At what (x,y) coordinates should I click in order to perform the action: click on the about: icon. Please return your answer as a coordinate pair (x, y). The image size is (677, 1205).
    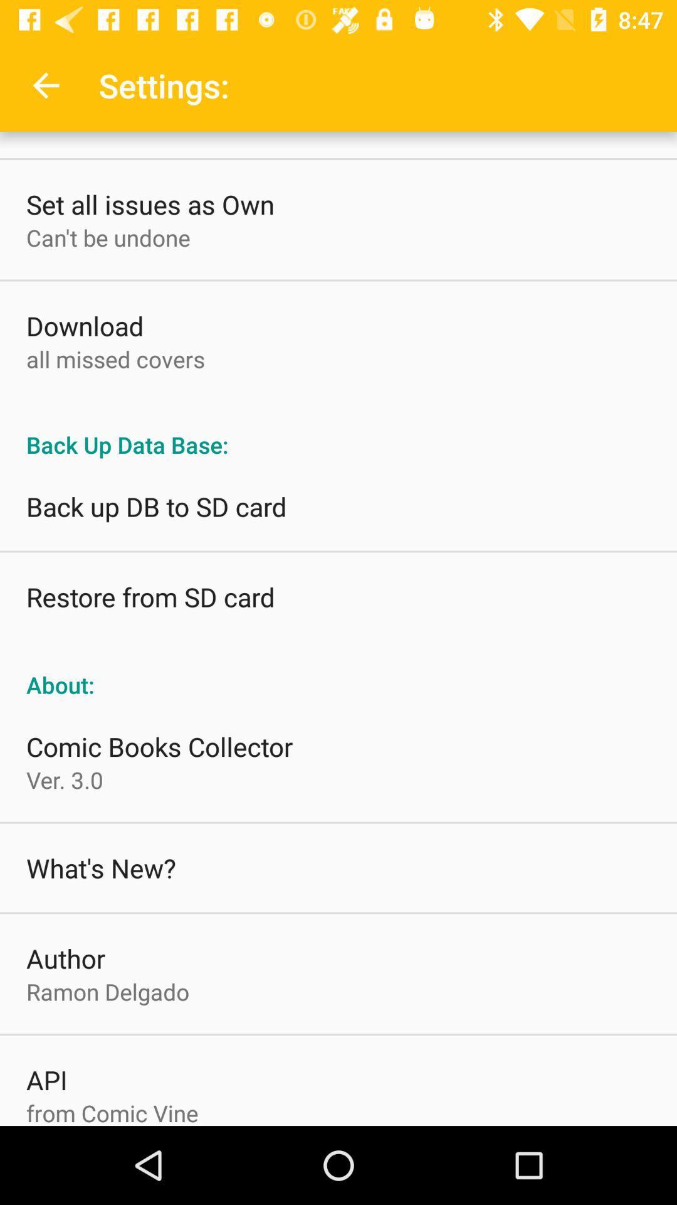
    Looking at the image, I should click on (338, 671).